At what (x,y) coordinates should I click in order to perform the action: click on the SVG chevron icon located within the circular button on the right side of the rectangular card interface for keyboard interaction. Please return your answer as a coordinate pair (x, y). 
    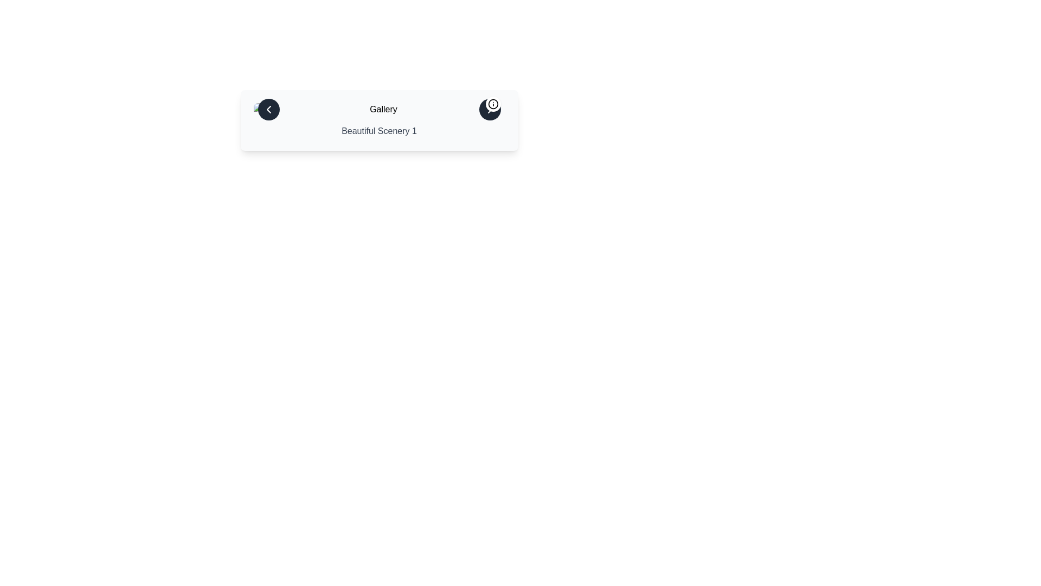
    Looking at the image, I should click on (489, 109).